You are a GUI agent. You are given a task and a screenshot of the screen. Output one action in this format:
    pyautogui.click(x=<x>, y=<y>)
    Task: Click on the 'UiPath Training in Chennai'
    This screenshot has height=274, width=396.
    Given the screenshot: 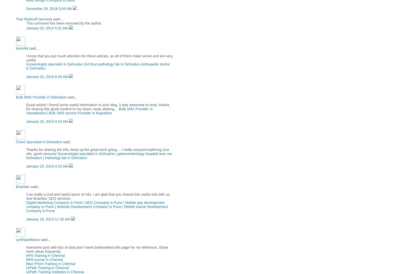 What is the action you would take?
    pyautogui.click(x=26, y=268)
    